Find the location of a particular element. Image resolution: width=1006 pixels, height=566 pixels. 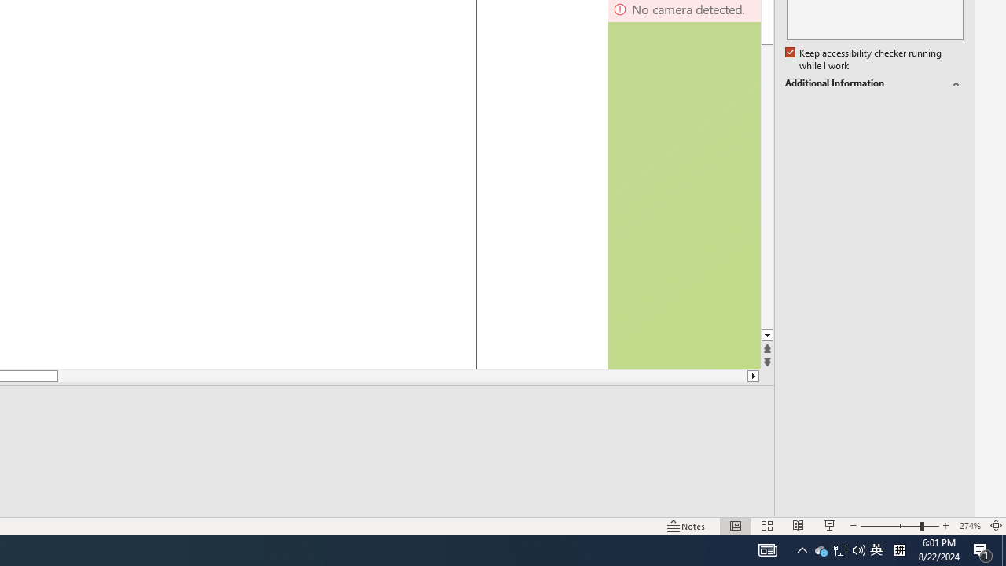

'Zoom 274%' is located at coordinates (969, 526).